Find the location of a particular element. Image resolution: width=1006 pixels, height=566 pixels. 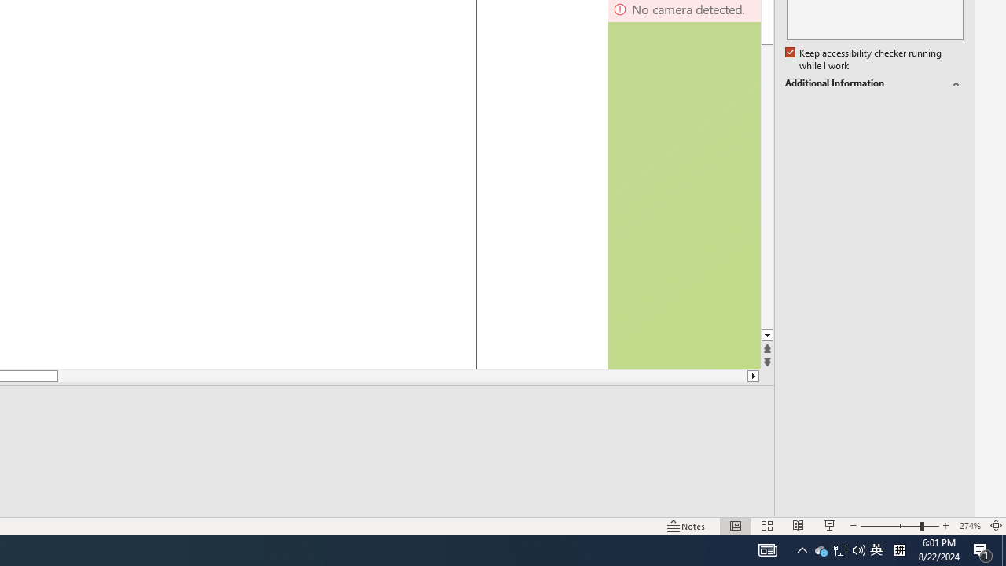

'Zoom 274%' is located at coordinates (969, 526).